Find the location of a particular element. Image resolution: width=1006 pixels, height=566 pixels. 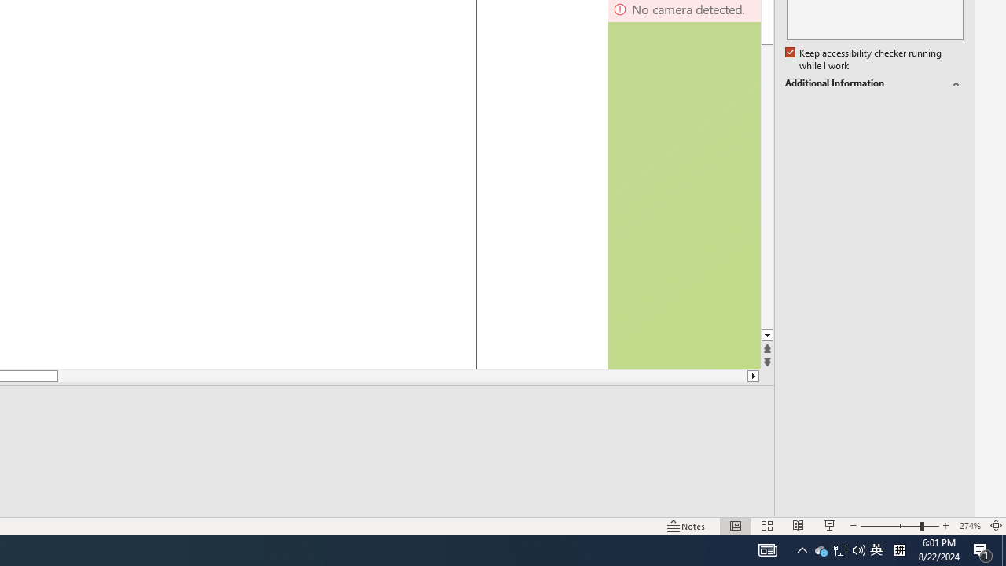

'Zoom 274%' is located at coordinates (969, 526).